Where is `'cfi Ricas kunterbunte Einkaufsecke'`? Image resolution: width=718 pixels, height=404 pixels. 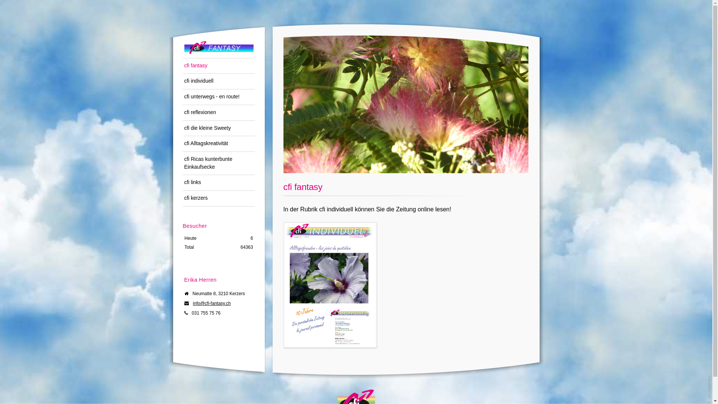 'cfi Ricas kunterbunte Einkaufsecke' is located at coordinates (218, 162).